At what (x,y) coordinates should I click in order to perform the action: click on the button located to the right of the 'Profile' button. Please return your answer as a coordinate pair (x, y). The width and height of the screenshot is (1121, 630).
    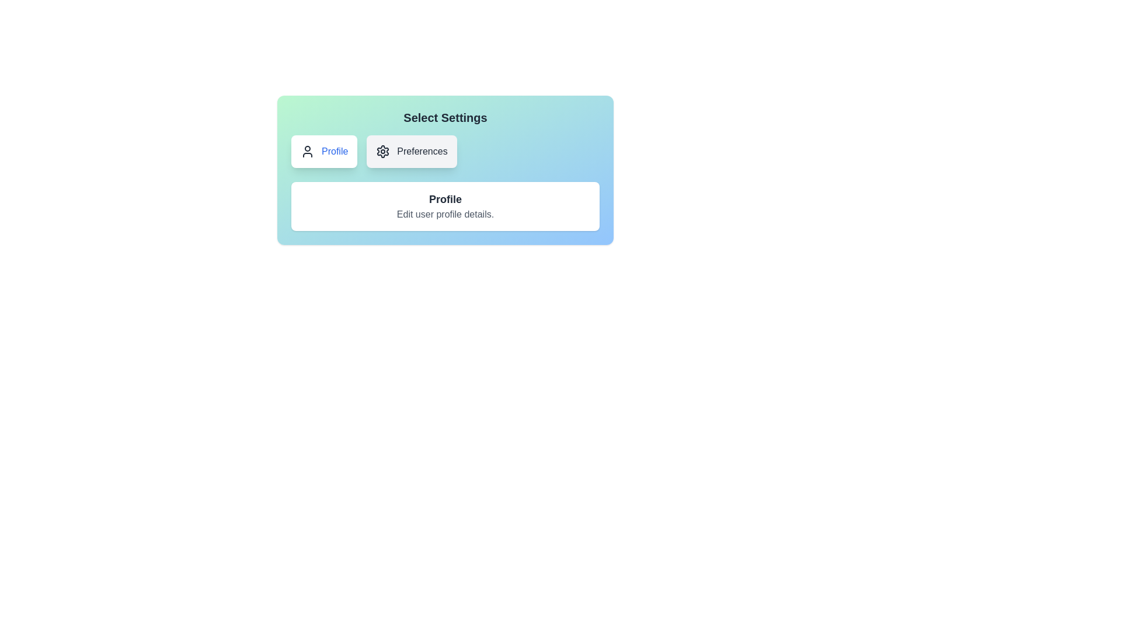
    Looking at the image, I should click on (412, 150).